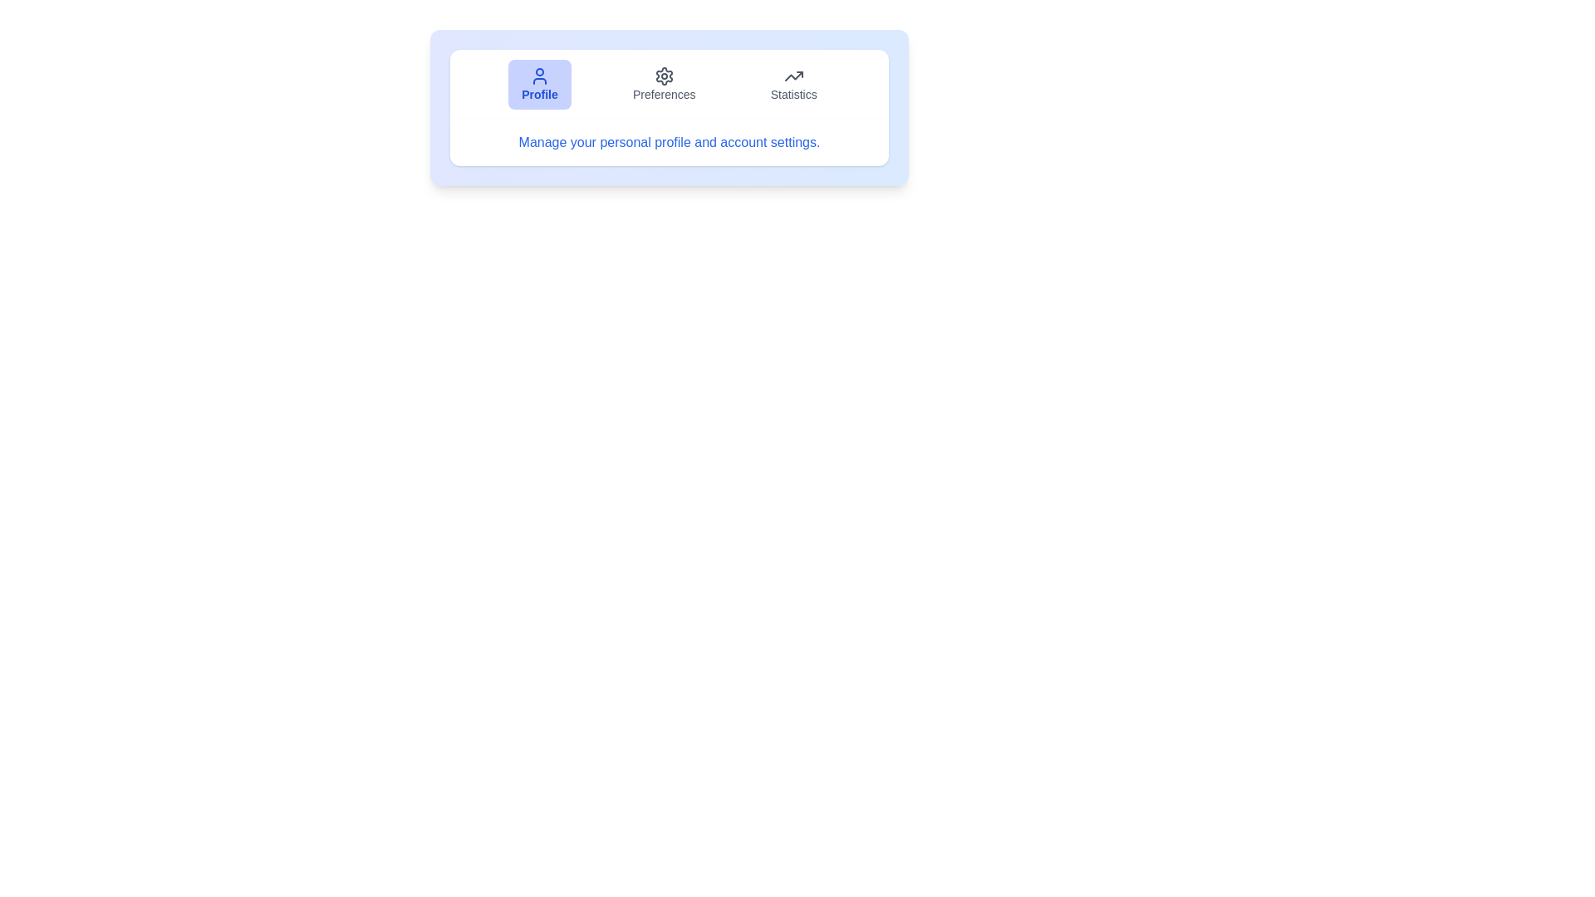 The width and height of the screenshot is (1595, 897). Describe the element at coordinates (793, 84) in the screenshot. I see `the Statistics tab by clicking on its button` at that location.